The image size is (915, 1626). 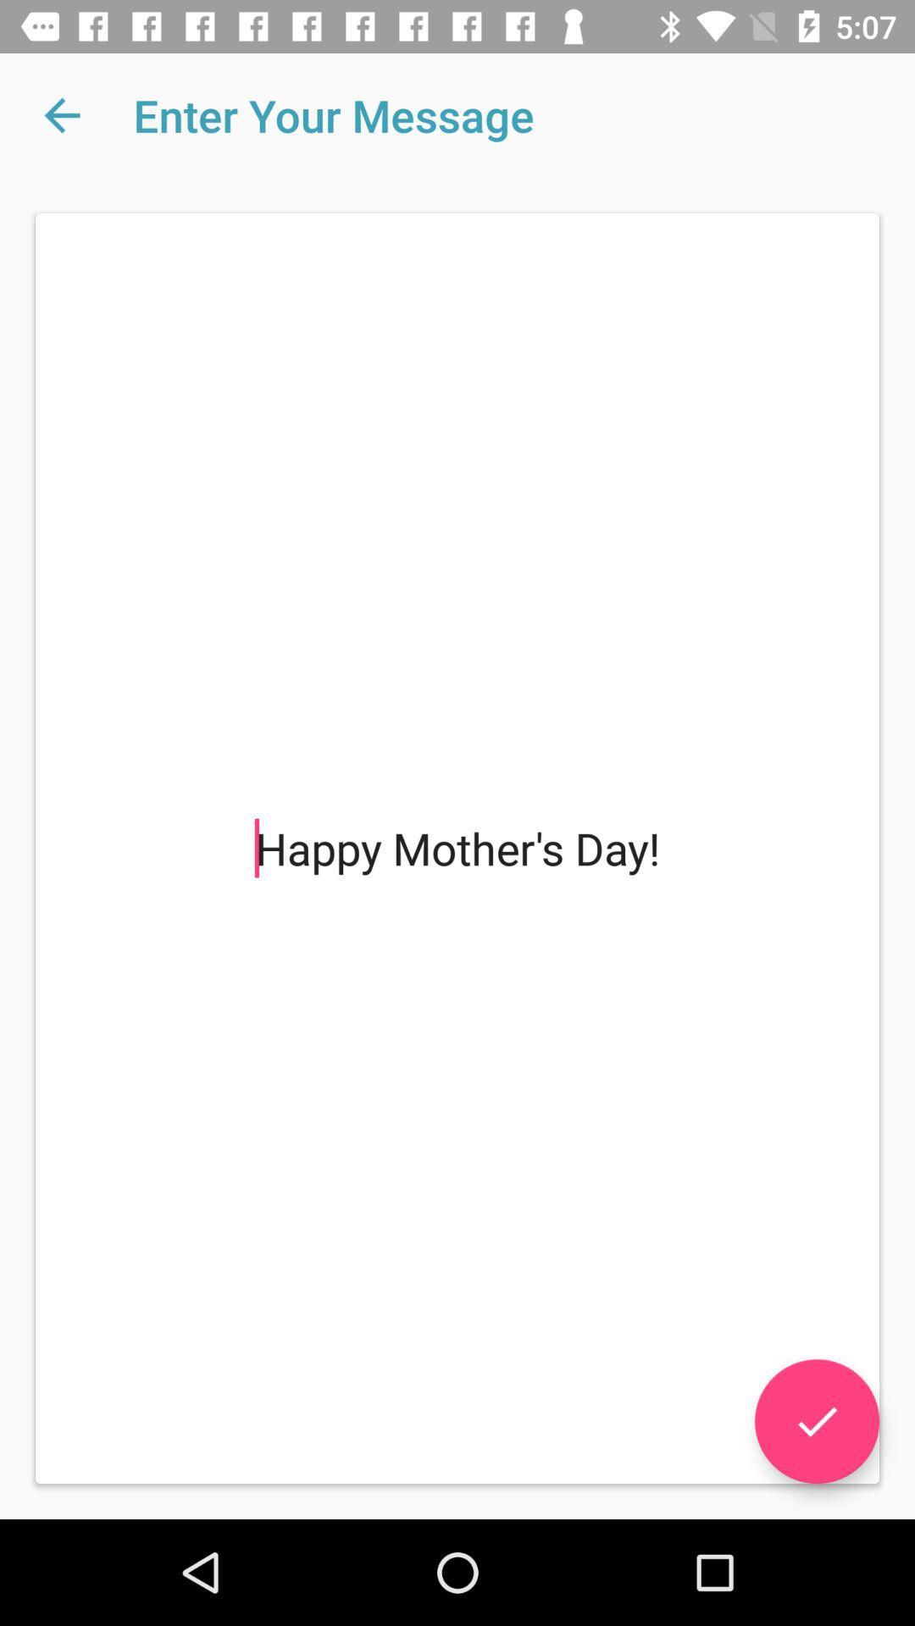 I want to click on the item to the left of enter your message app, so click(x=61, y=114).